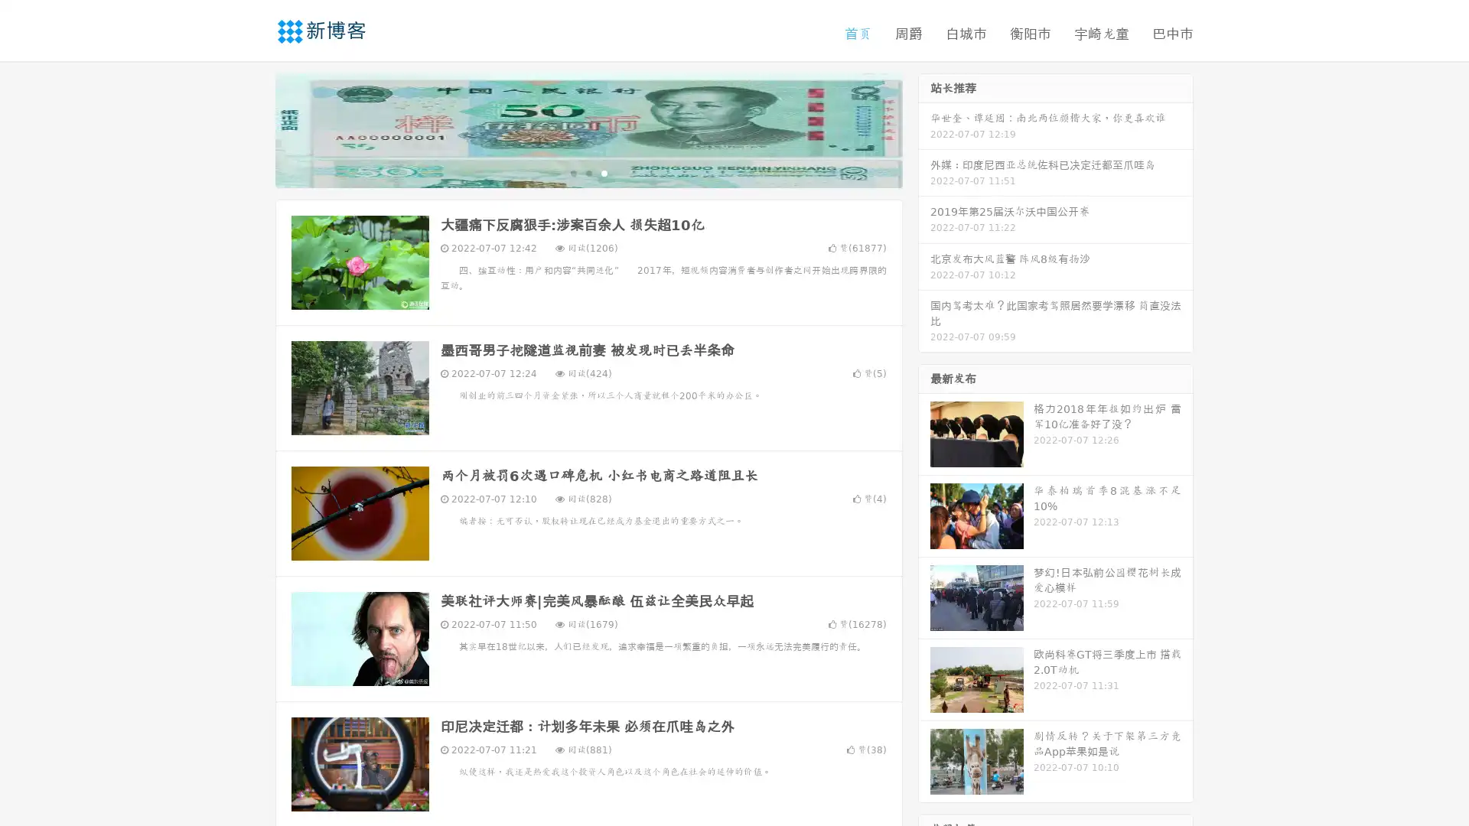 The width and height of the screenshot is (1469, 826). What do you see at coordinates (588, 172) in the screenshot?
I see `Go to slide 2` at bounding box center [588, 172].